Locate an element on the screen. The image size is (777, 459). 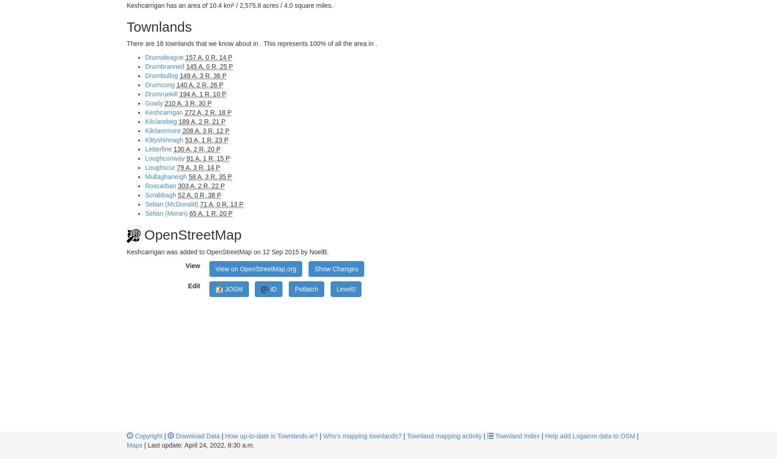
'210 A, 3 R, 30 P' is located at coordinates (187, 103).